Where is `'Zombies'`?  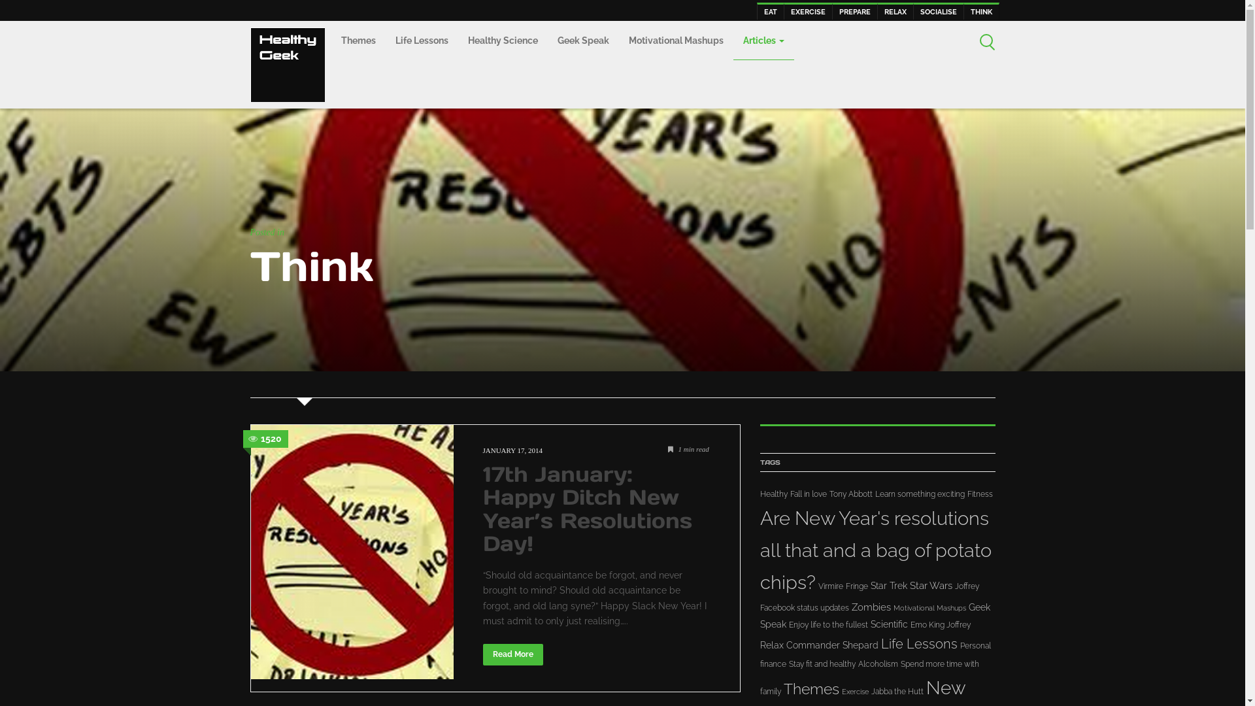
'Zombies' is located at coordinates (870, 607).